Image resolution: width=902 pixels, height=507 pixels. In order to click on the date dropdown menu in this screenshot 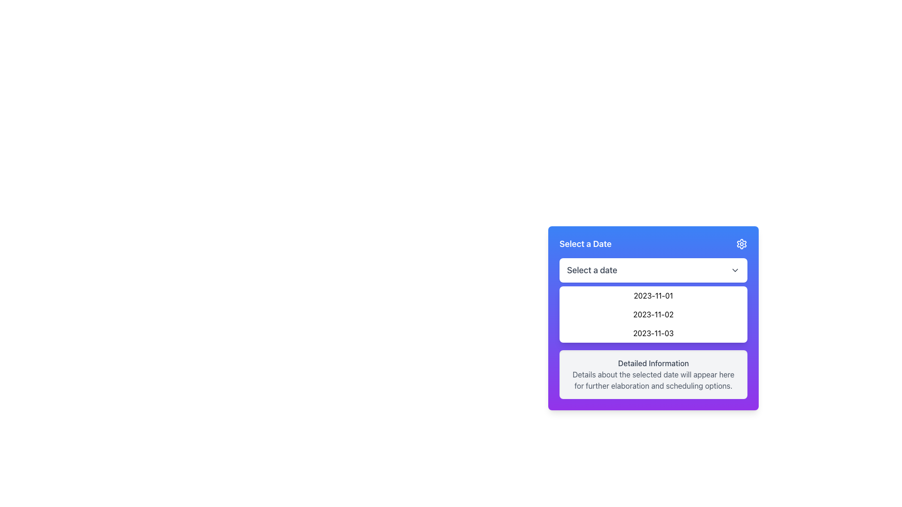, I will do `click(653, 315)`.